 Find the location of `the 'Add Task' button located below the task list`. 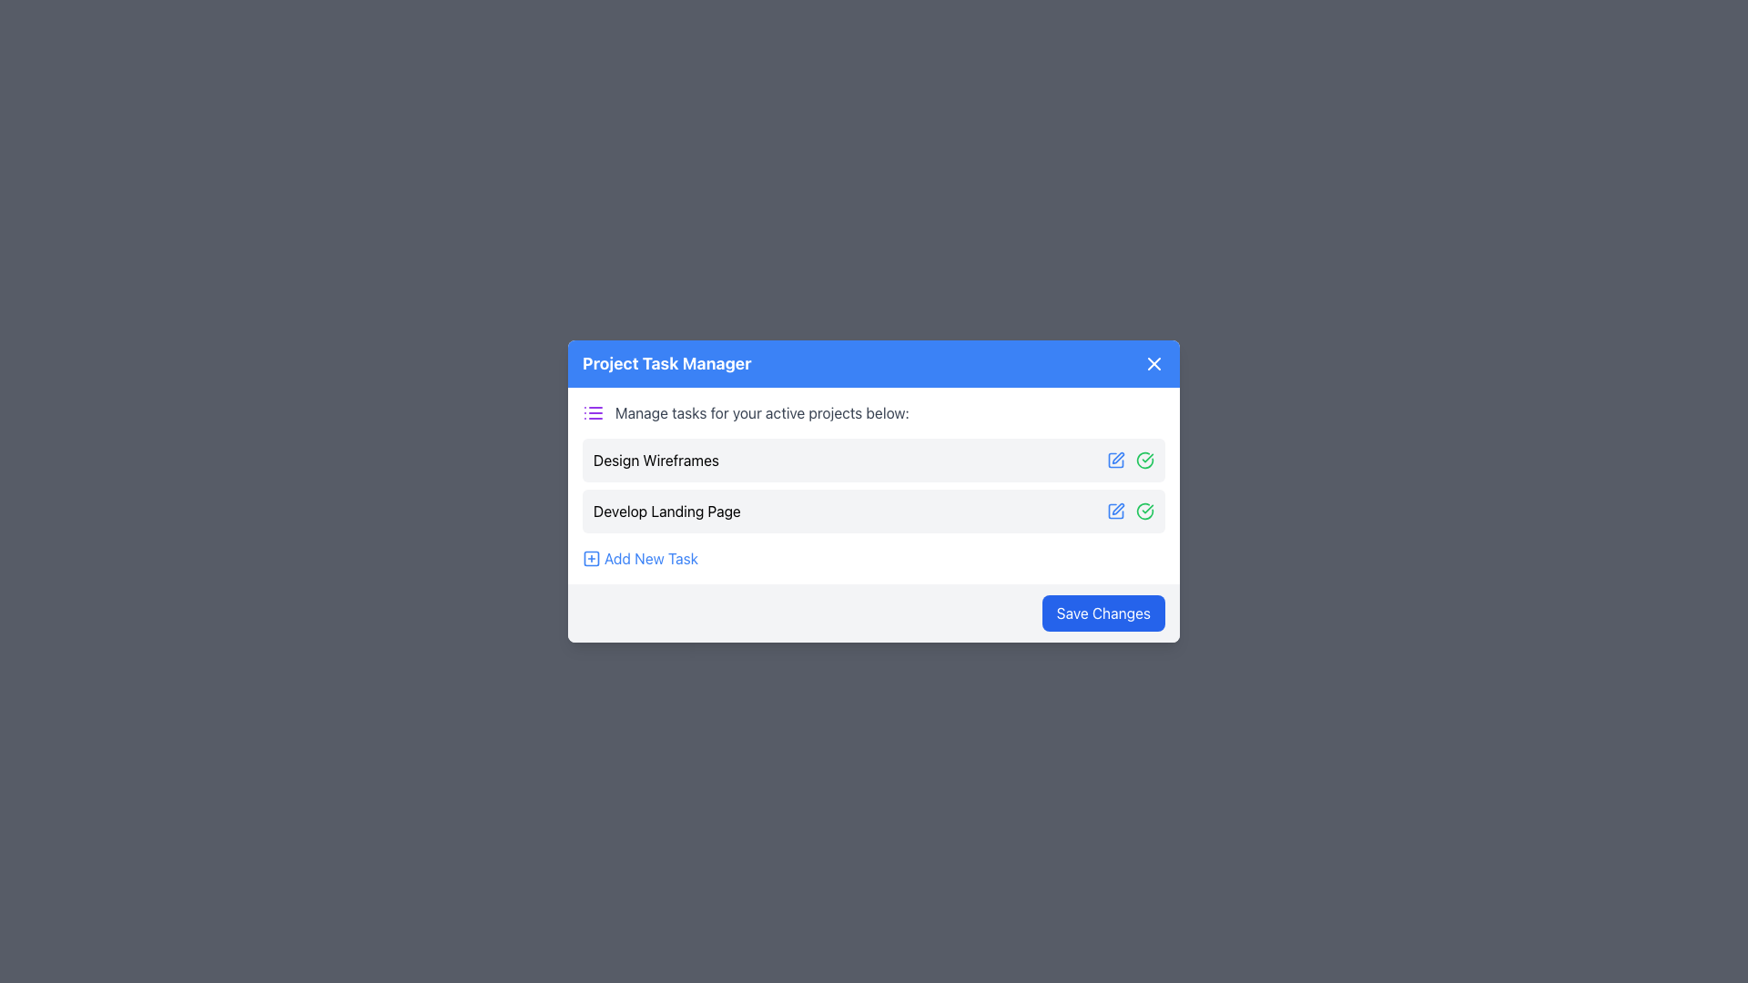

the 'Add Task' button located below the task list is located at coordinates (640, 557).